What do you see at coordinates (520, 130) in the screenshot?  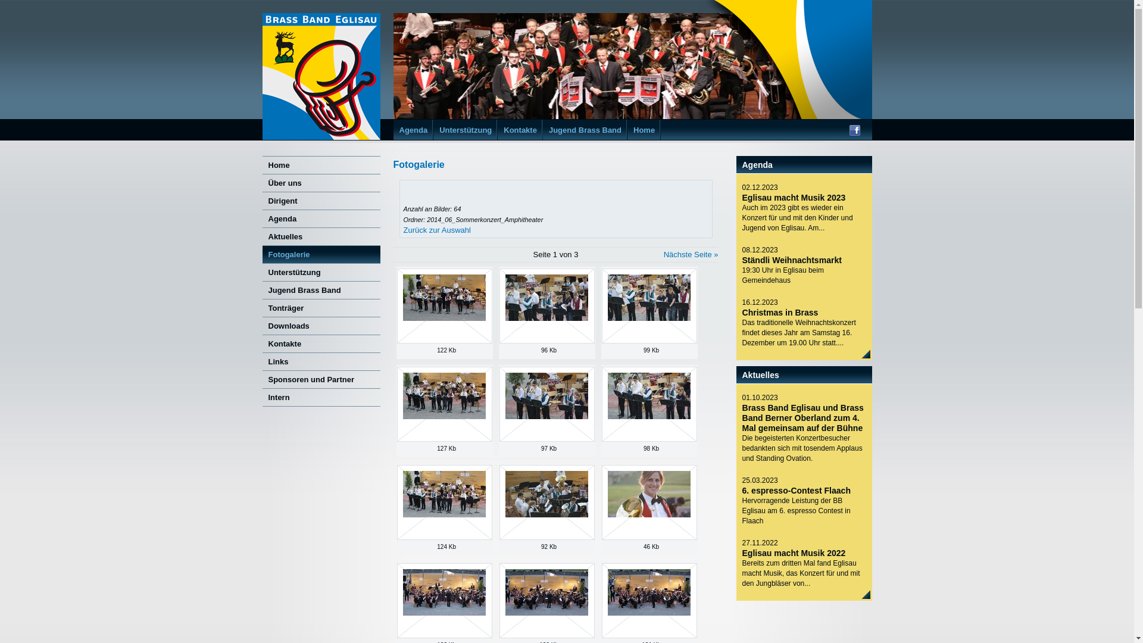 I see `'Kontakte'` at bounding box center [520, 130].